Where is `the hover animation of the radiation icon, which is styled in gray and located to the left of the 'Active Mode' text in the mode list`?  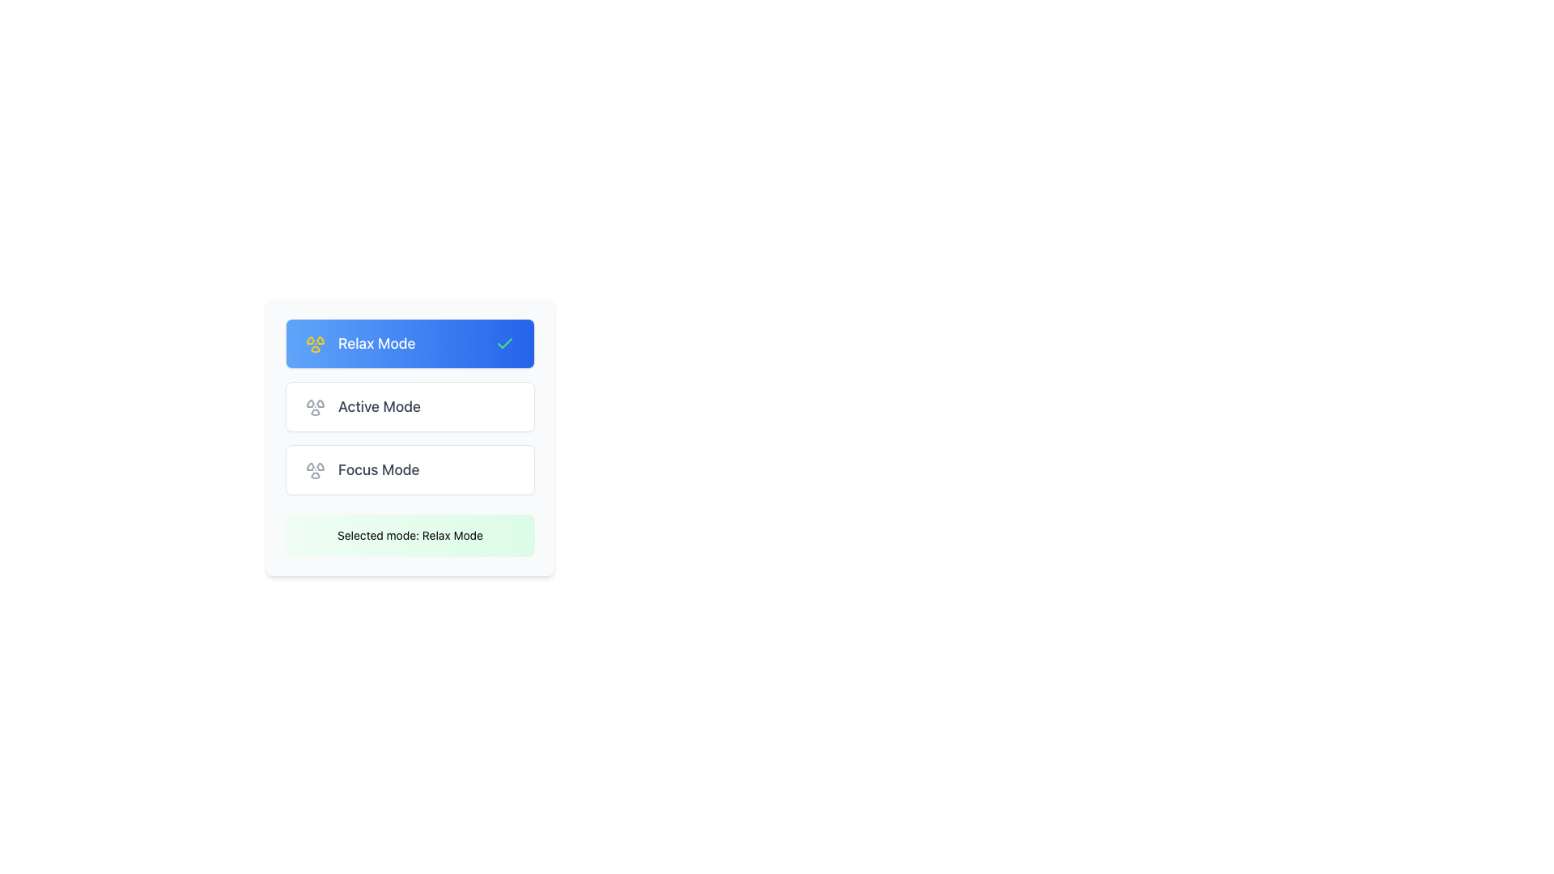 the hover animation of the radiation icon, which is styled in gray and located to the left of the 'Active Mode' text in the mode list is located at coordinates (315, 405).